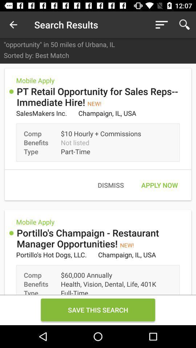  I want to click on item next to search results item, so click(162, 25).